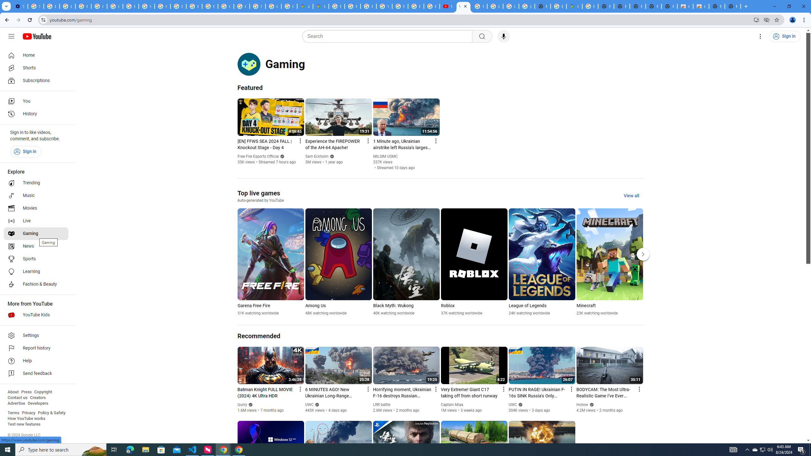  I want to click on 'Hollow', so click(582, 405).